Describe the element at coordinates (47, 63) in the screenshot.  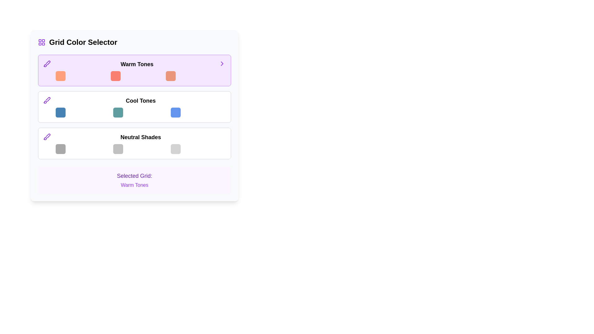
I see `the small purple brush icon located at the top-left corner of the 'Warm Tones' card, aligned with the text 'Warm Tones'` at that location.